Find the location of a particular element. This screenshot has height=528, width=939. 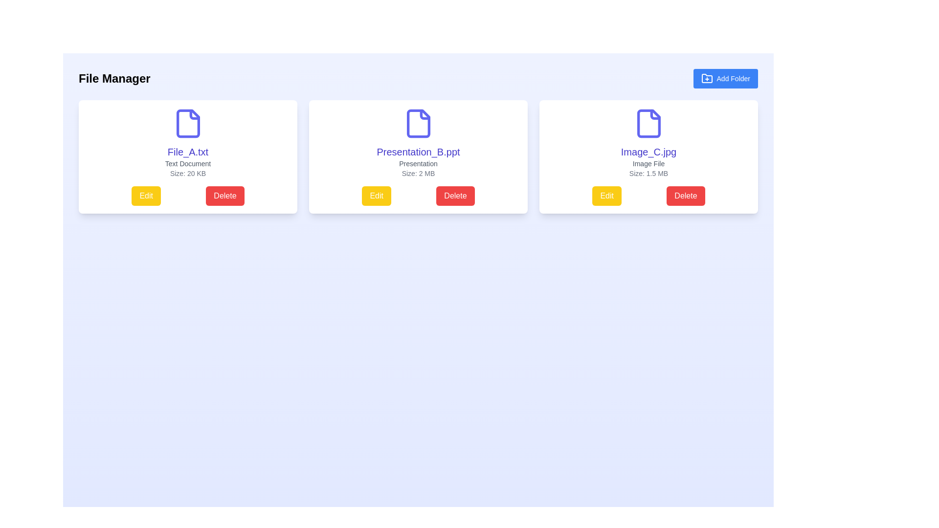

the 'Edit' button associated with the file 'File_A.txt' is located at coordinates (146, 196).